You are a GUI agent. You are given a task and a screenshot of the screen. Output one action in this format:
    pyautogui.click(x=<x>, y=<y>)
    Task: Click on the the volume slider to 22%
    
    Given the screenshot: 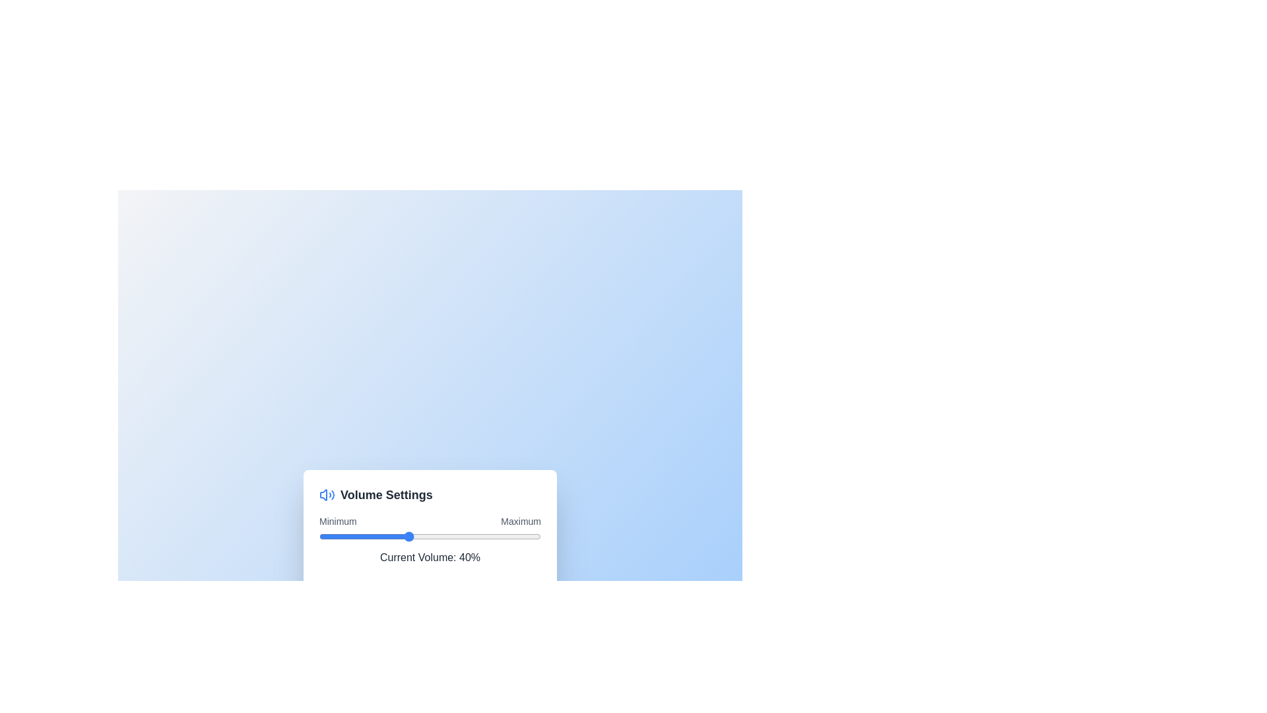 What is the action you would take?
    pyautogui.click(x=368, y=536)
    